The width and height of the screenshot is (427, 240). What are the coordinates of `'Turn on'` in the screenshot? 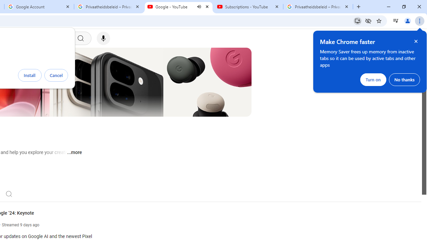 It's located at (373, 79).